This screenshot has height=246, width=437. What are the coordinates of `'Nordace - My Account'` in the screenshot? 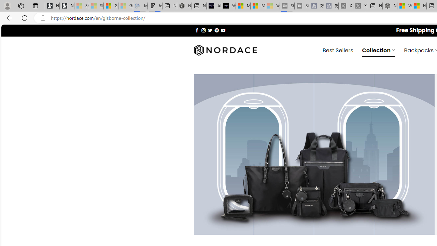 It's located at (390, 6).